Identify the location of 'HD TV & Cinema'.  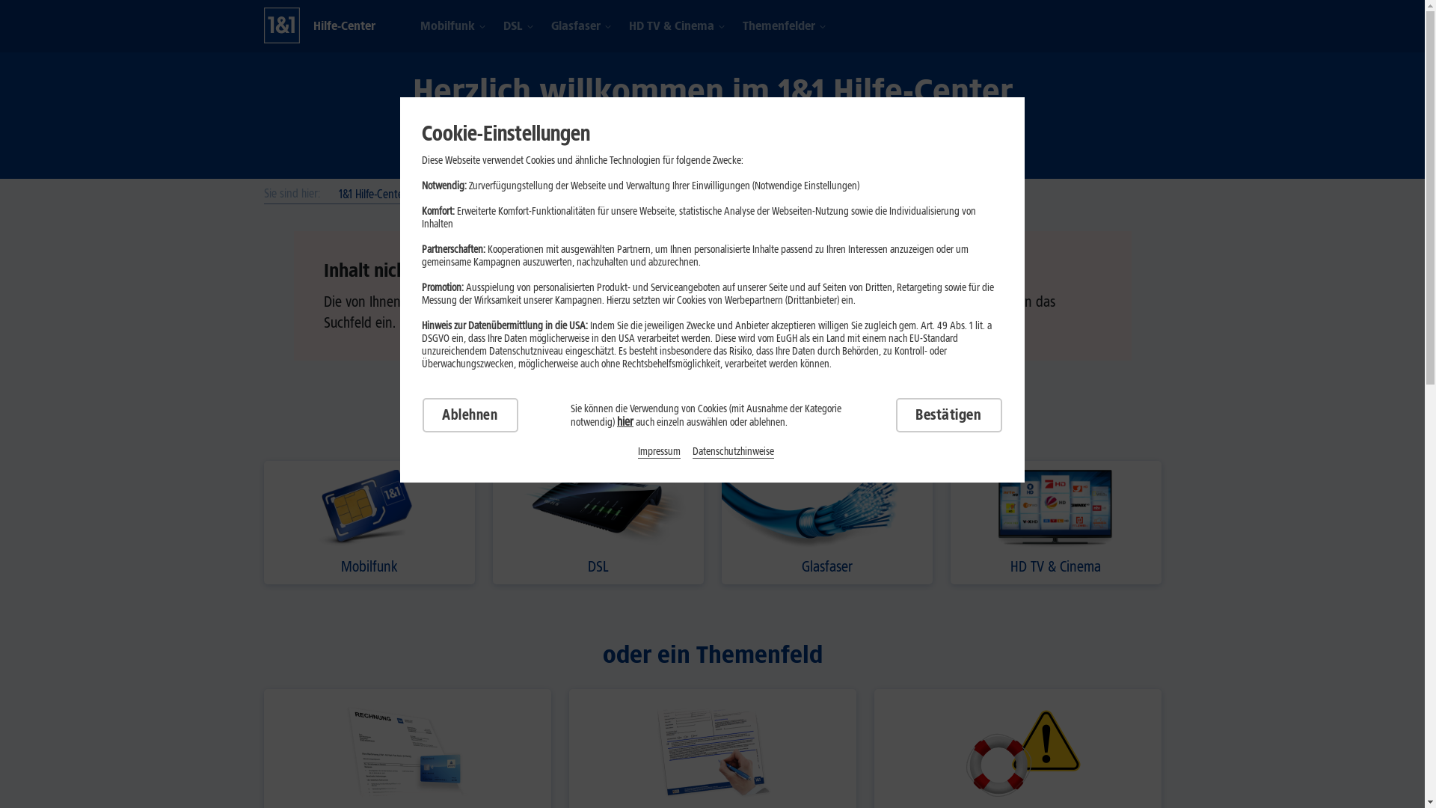
(1055, 521).